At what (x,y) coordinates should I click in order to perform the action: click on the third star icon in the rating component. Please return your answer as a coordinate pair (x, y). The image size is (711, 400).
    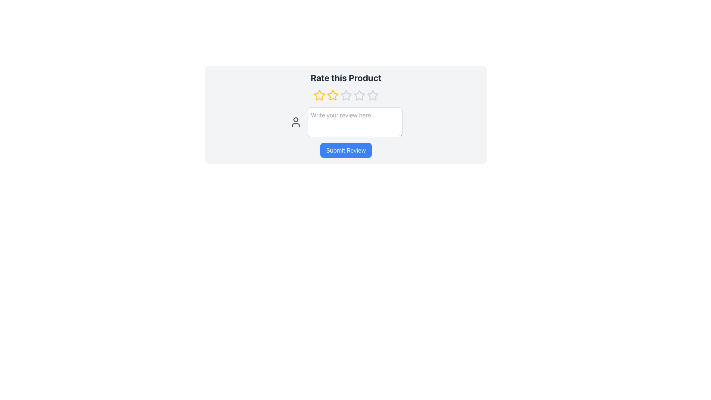
    Looking at the image, I should click on (359, 95).